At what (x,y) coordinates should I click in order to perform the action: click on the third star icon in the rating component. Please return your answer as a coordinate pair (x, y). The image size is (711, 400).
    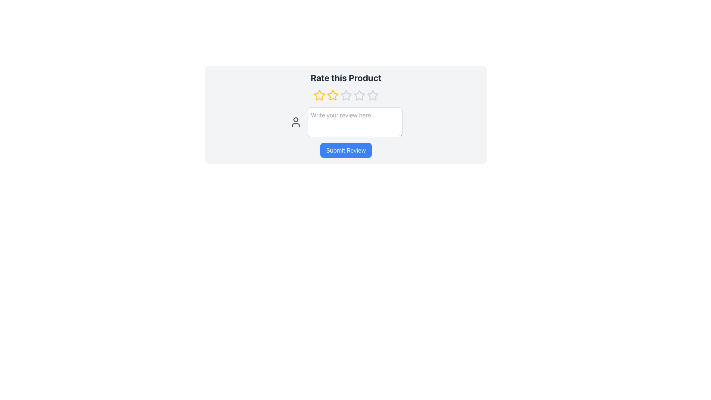
    Looking at the image, I should click on (359, 95).